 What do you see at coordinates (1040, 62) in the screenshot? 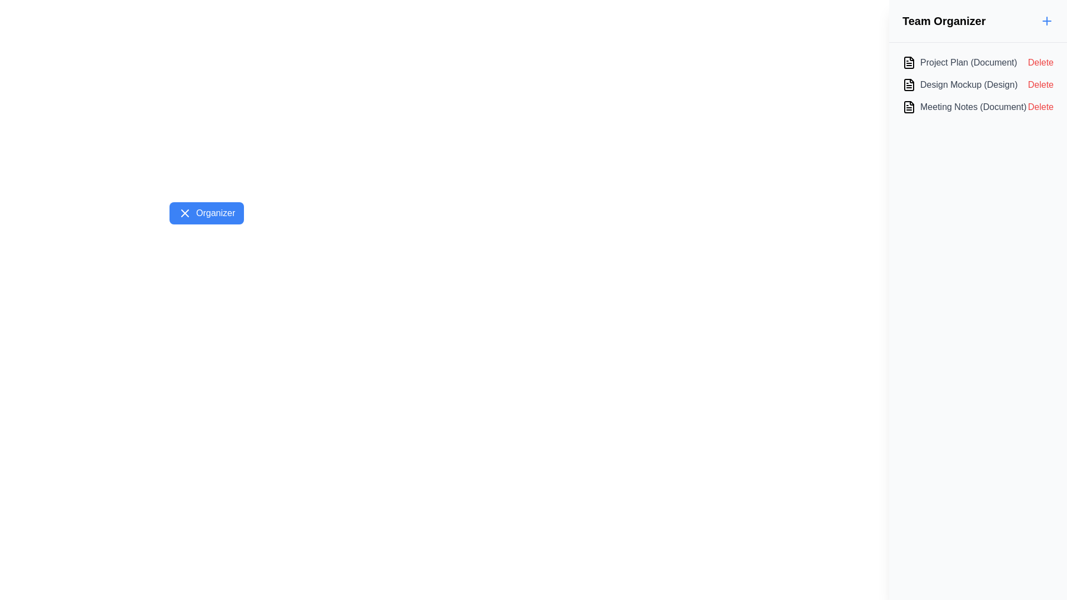
I see `the red 'Delete' text label` at bounding box center [1040, 62].